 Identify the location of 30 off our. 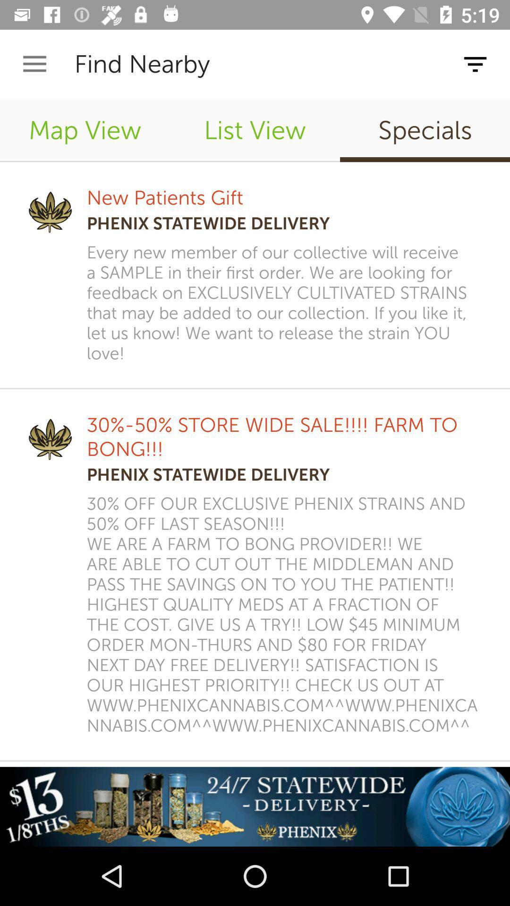
(285, 615).